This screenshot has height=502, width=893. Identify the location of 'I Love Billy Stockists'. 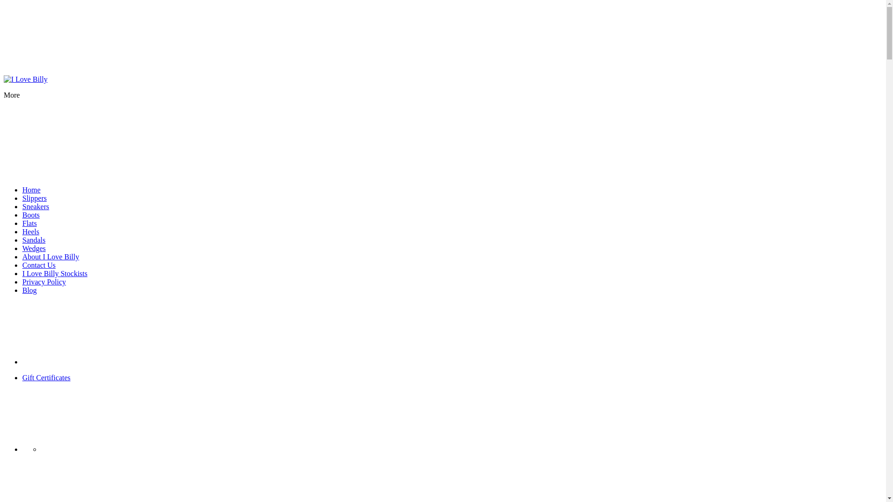
(54, 273).